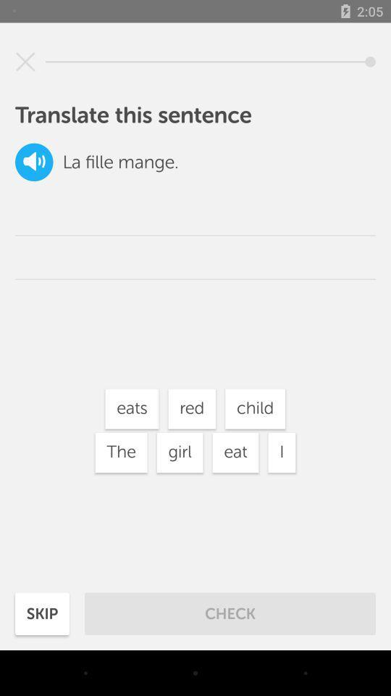  What do you see at coordinates (282, 452) in the screenshot?
I see `the icon on the right` at bounding box center [282, 452].